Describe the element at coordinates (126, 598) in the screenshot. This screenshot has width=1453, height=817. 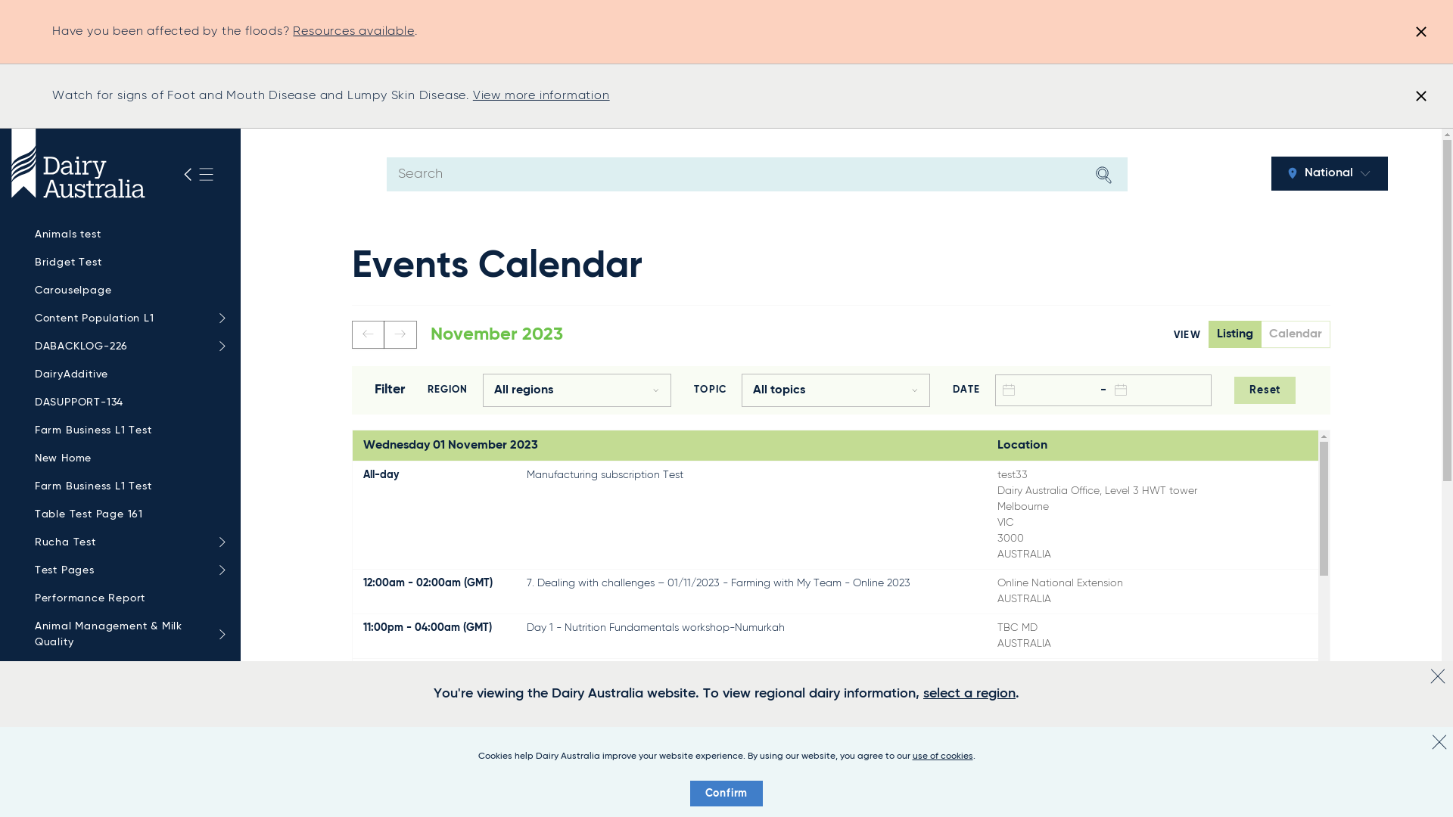
I see `'Performance Report'` at that location.